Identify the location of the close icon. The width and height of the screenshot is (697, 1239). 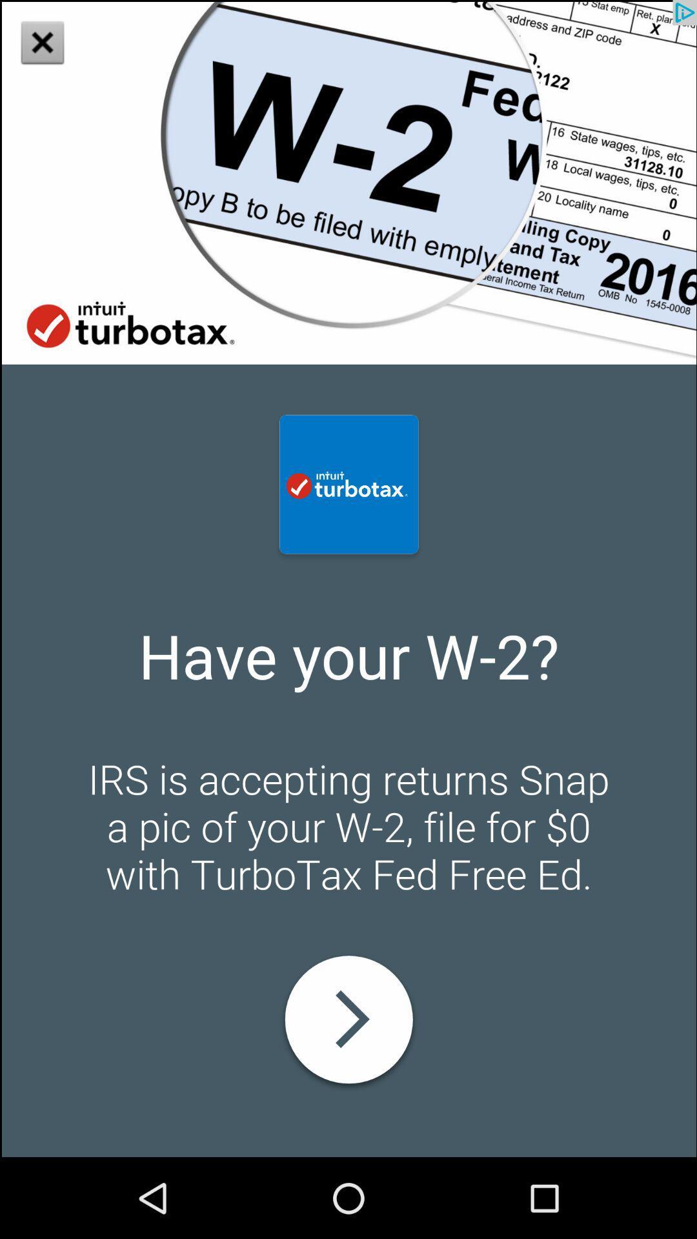
(59, 63).